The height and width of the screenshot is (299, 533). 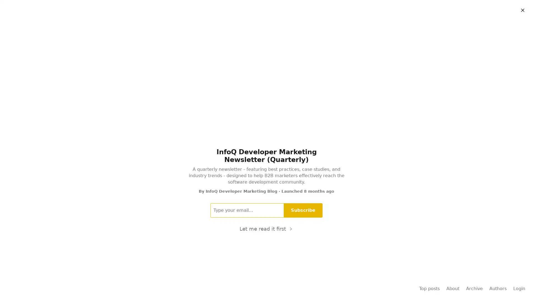 I want to click on QCon, so click(x=289, y=24).